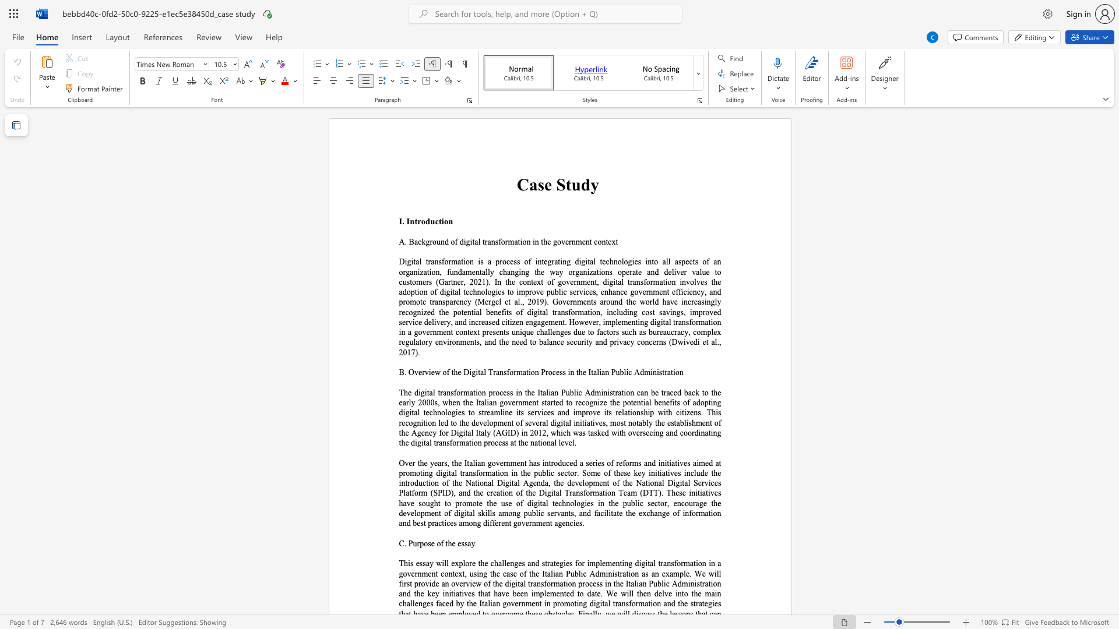 The width and height of the screenshot is (1119, 629). Describe the element at coordinates (425, 543) in the screenshot. I see `the 1th character "o" in the text` at that location.